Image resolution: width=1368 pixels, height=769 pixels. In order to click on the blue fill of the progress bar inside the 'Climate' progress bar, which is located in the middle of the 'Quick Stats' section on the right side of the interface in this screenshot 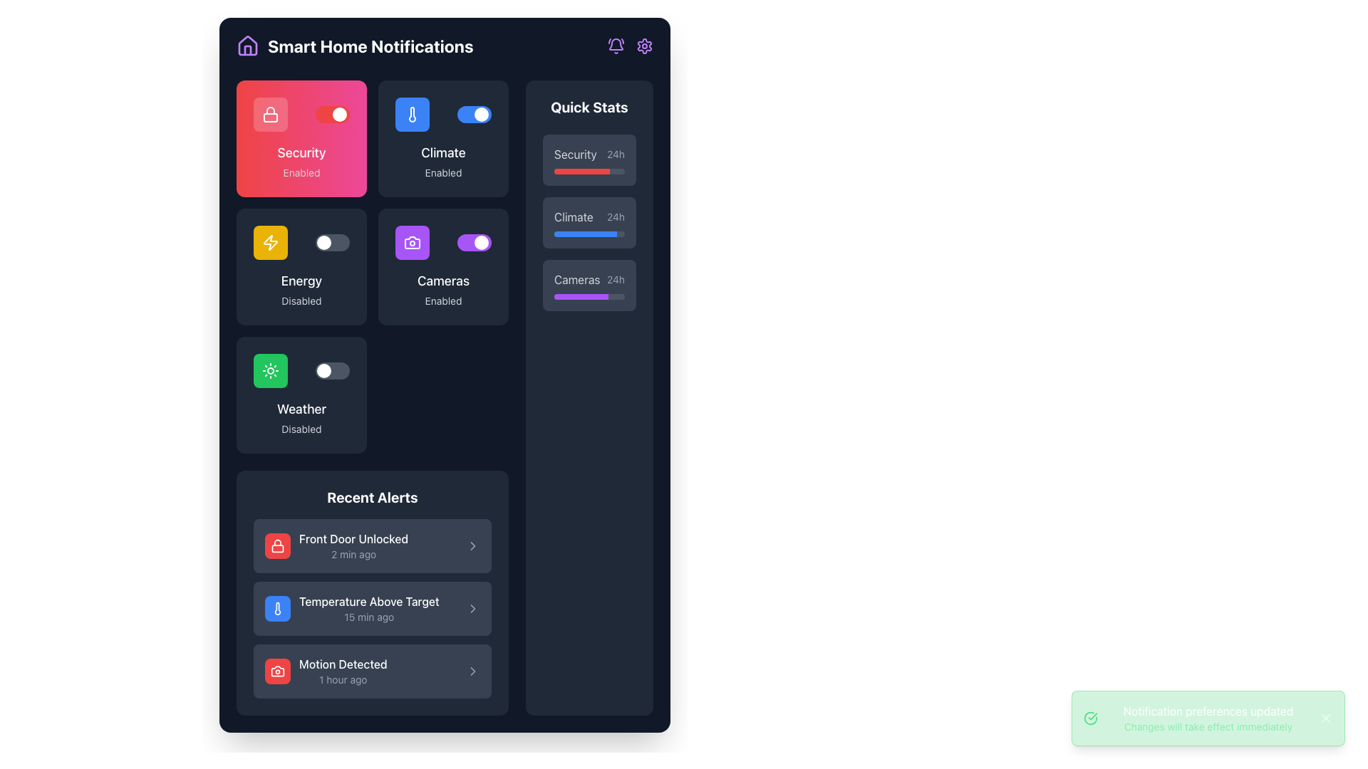, I will do `click(585, 233)`.